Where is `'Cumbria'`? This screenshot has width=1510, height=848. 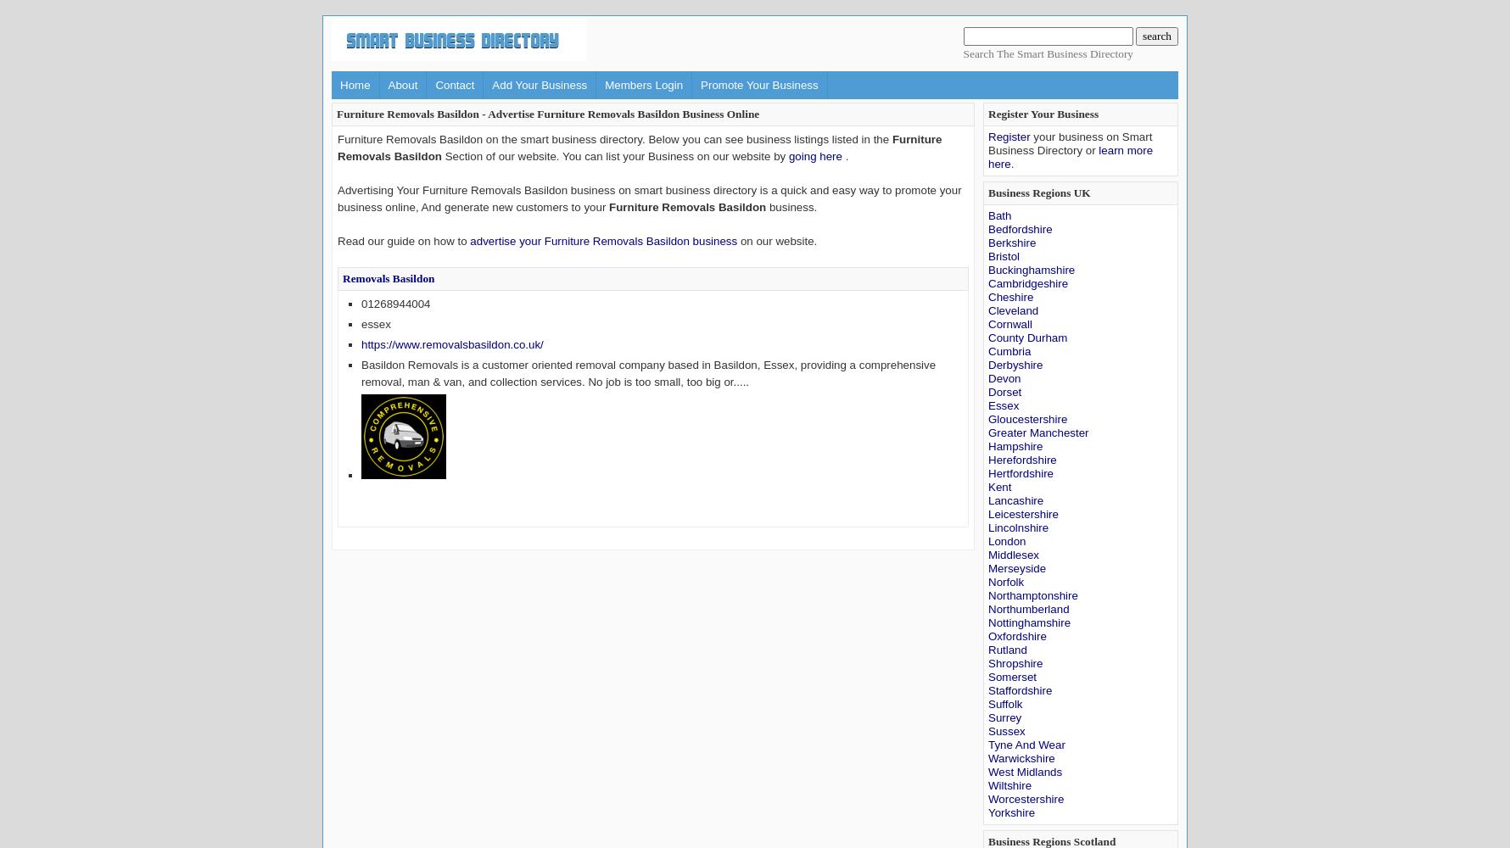
'Cumbria' is located at coordinates (1009, 351).